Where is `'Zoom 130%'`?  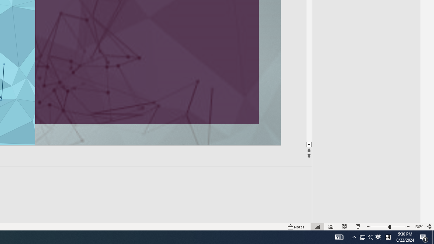
'Zoom 130%' is located at coordinates (418, 227).